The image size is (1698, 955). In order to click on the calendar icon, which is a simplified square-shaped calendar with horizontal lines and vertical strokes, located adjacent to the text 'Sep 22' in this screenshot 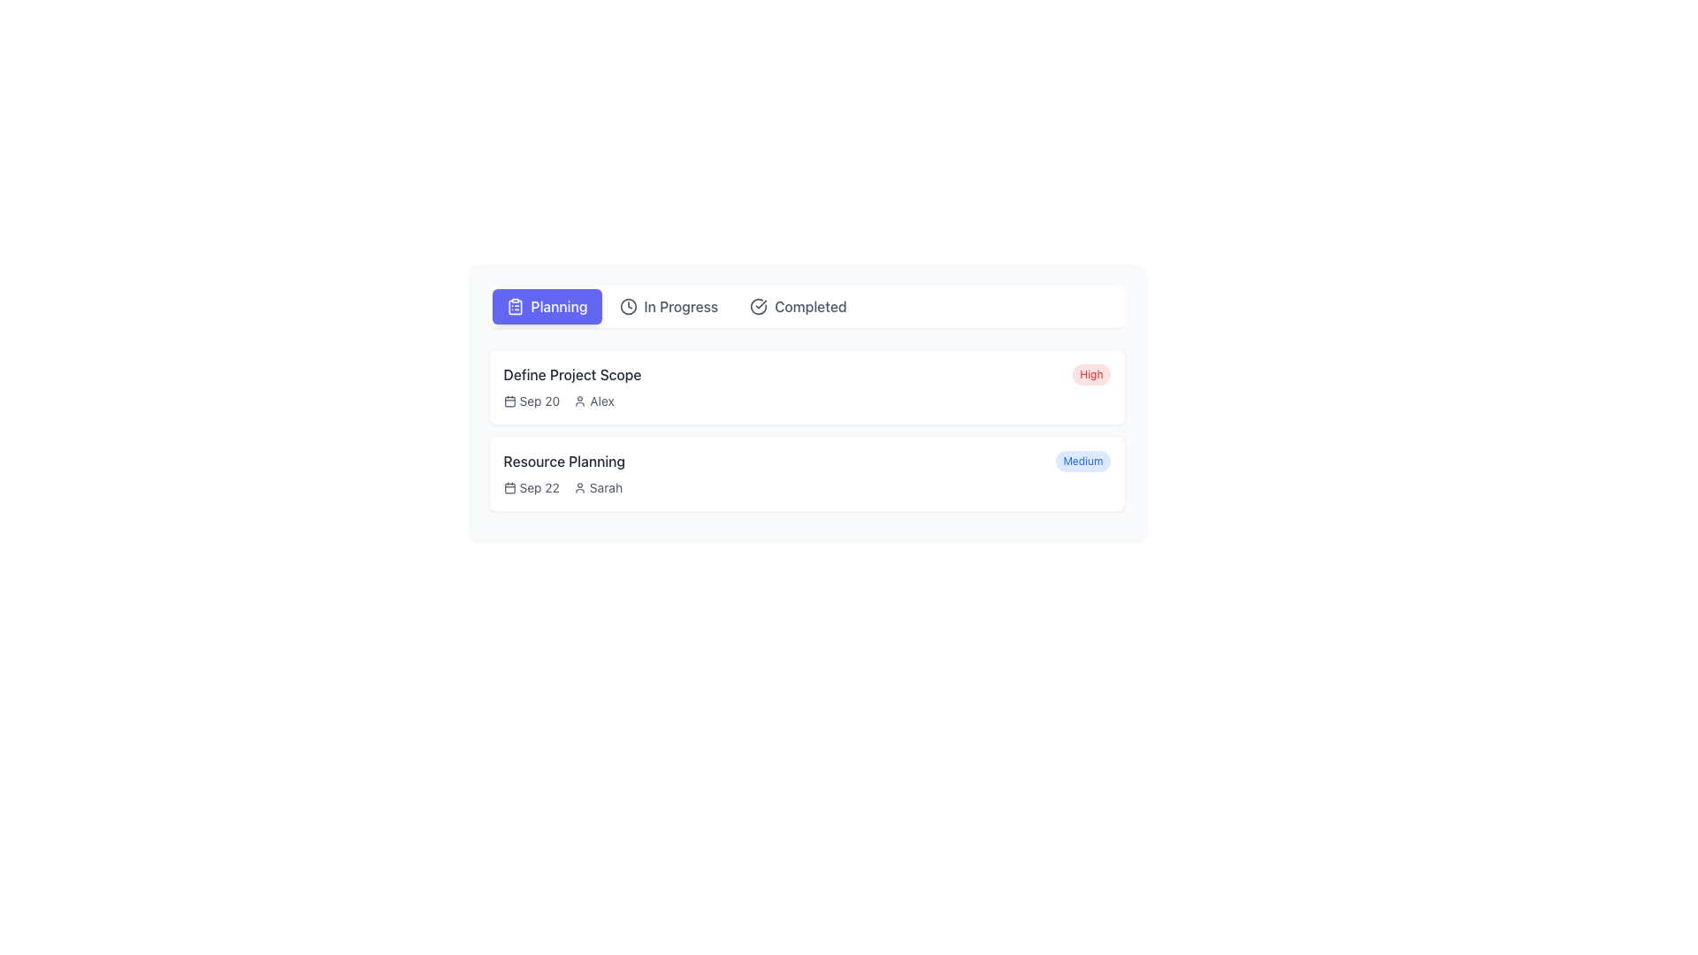, I will do `click(509, 487)`.